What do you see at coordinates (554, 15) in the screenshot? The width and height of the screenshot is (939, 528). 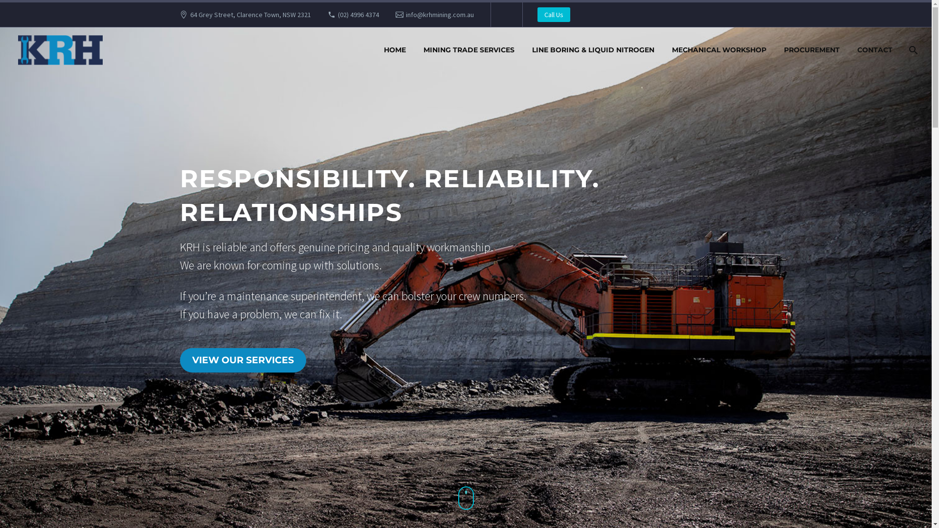 I see `'Call Us'` at bounding box center [554, 15].